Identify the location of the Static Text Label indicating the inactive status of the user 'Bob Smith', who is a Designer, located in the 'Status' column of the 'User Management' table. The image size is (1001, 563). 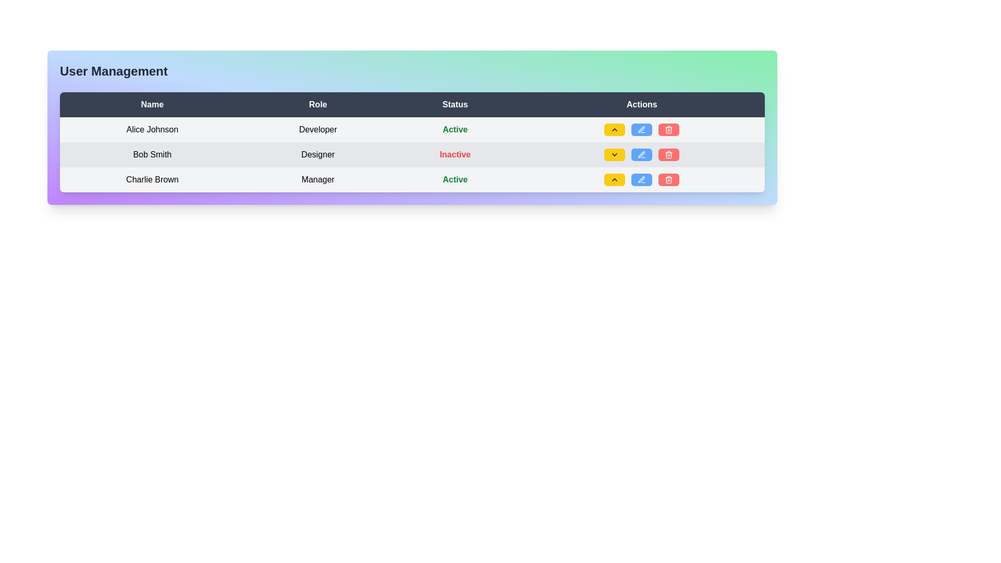
(455, 155).